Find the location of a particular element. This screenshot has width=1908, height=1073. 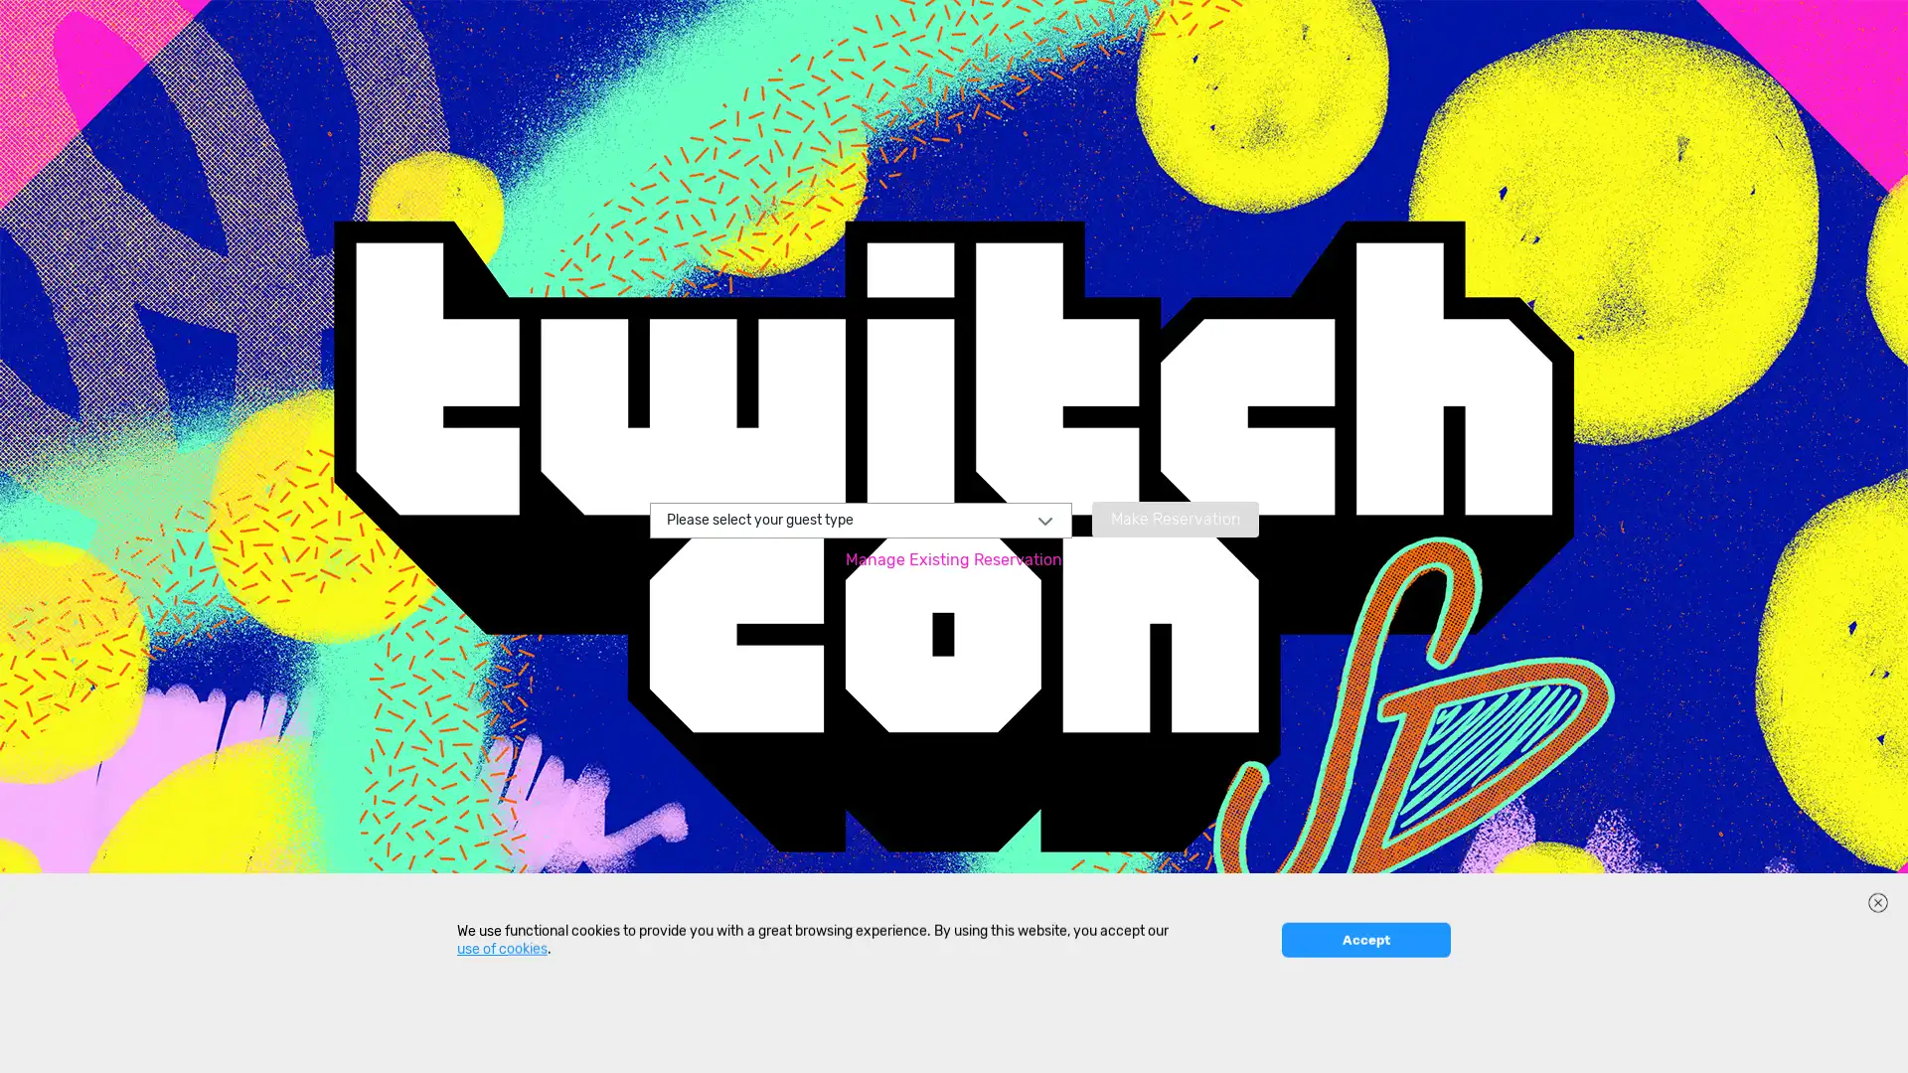

Accept is located at coordinates (1364, 1043).